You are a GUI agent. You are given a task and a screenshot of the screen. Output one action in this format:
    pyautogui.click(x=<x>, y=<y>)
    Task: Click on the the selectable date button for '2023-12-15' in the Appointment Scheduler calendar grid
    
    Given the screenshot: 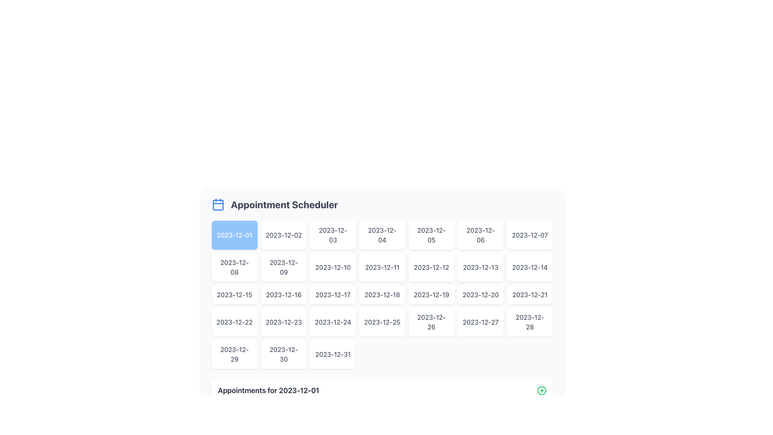 What is the action you would take?
    pyautogui.click(x=234, y=295)
    